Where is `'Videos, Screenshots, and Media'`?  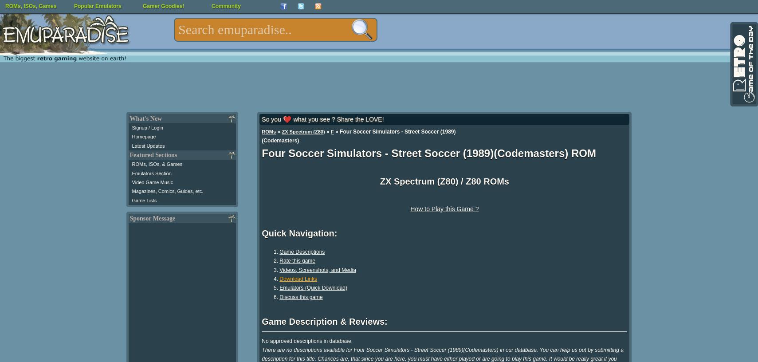 'Videos, Screenshots, and Media' is located at coordinates (317, 270).